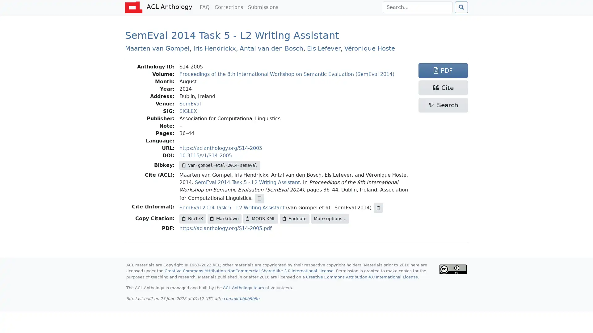  Describe the element at coordinates (224, 218) in the screenshot. I see `Markdown` at that location.